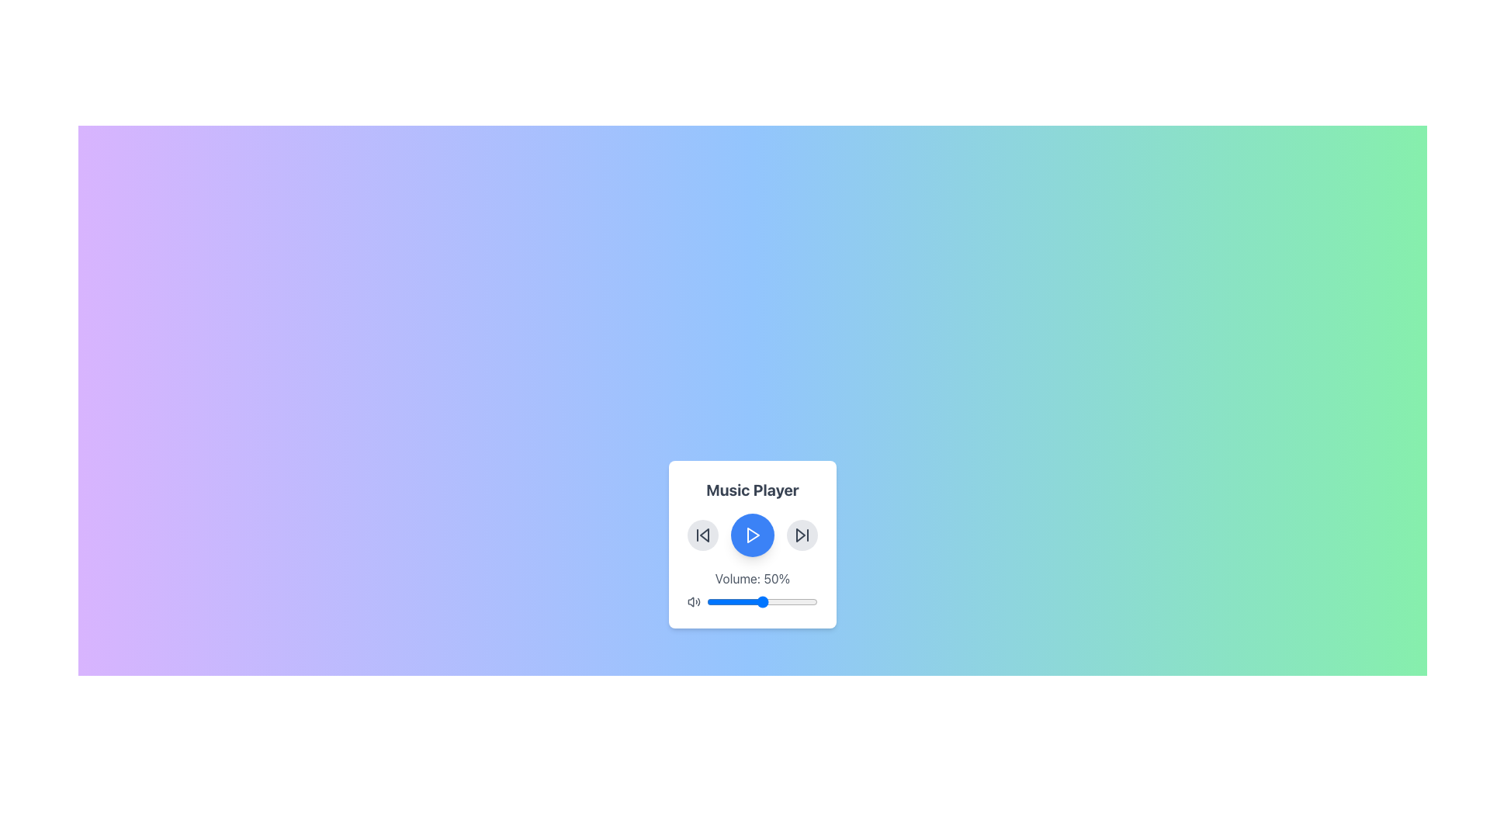  What do you see at coordinates (752, 535) in the screenshot?
I see `the play button in the music player interface` at bounding box center [752, 535].